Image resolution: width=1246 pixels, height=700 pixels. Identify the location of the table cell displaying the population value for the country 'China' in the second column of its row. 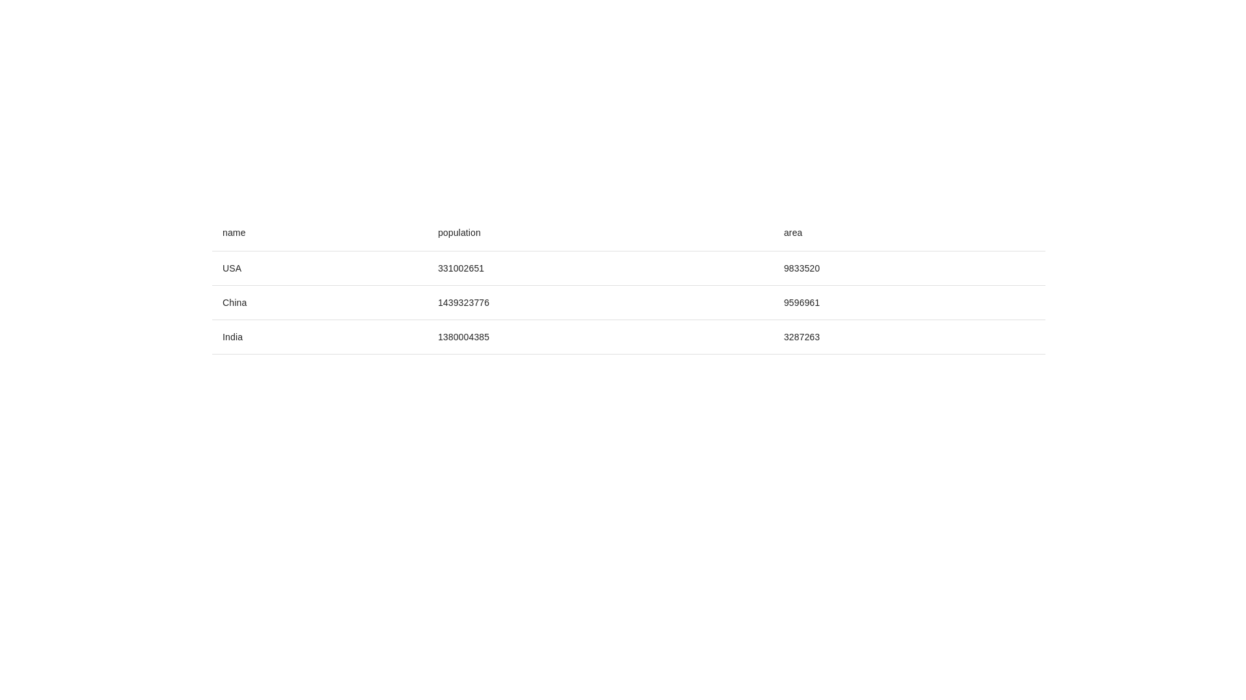
(600, 302).